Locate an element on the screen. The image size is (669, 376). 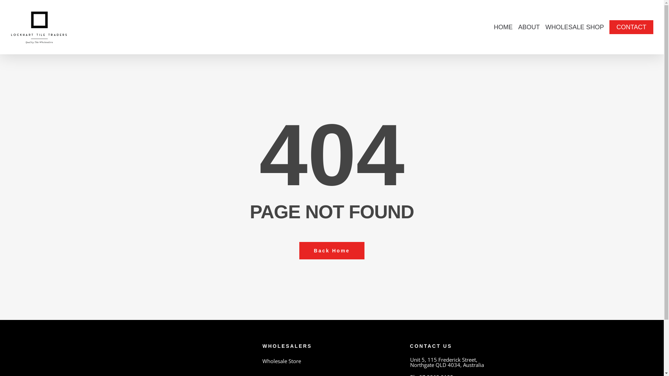
'Back Home' is located at coordinates (331, 250).